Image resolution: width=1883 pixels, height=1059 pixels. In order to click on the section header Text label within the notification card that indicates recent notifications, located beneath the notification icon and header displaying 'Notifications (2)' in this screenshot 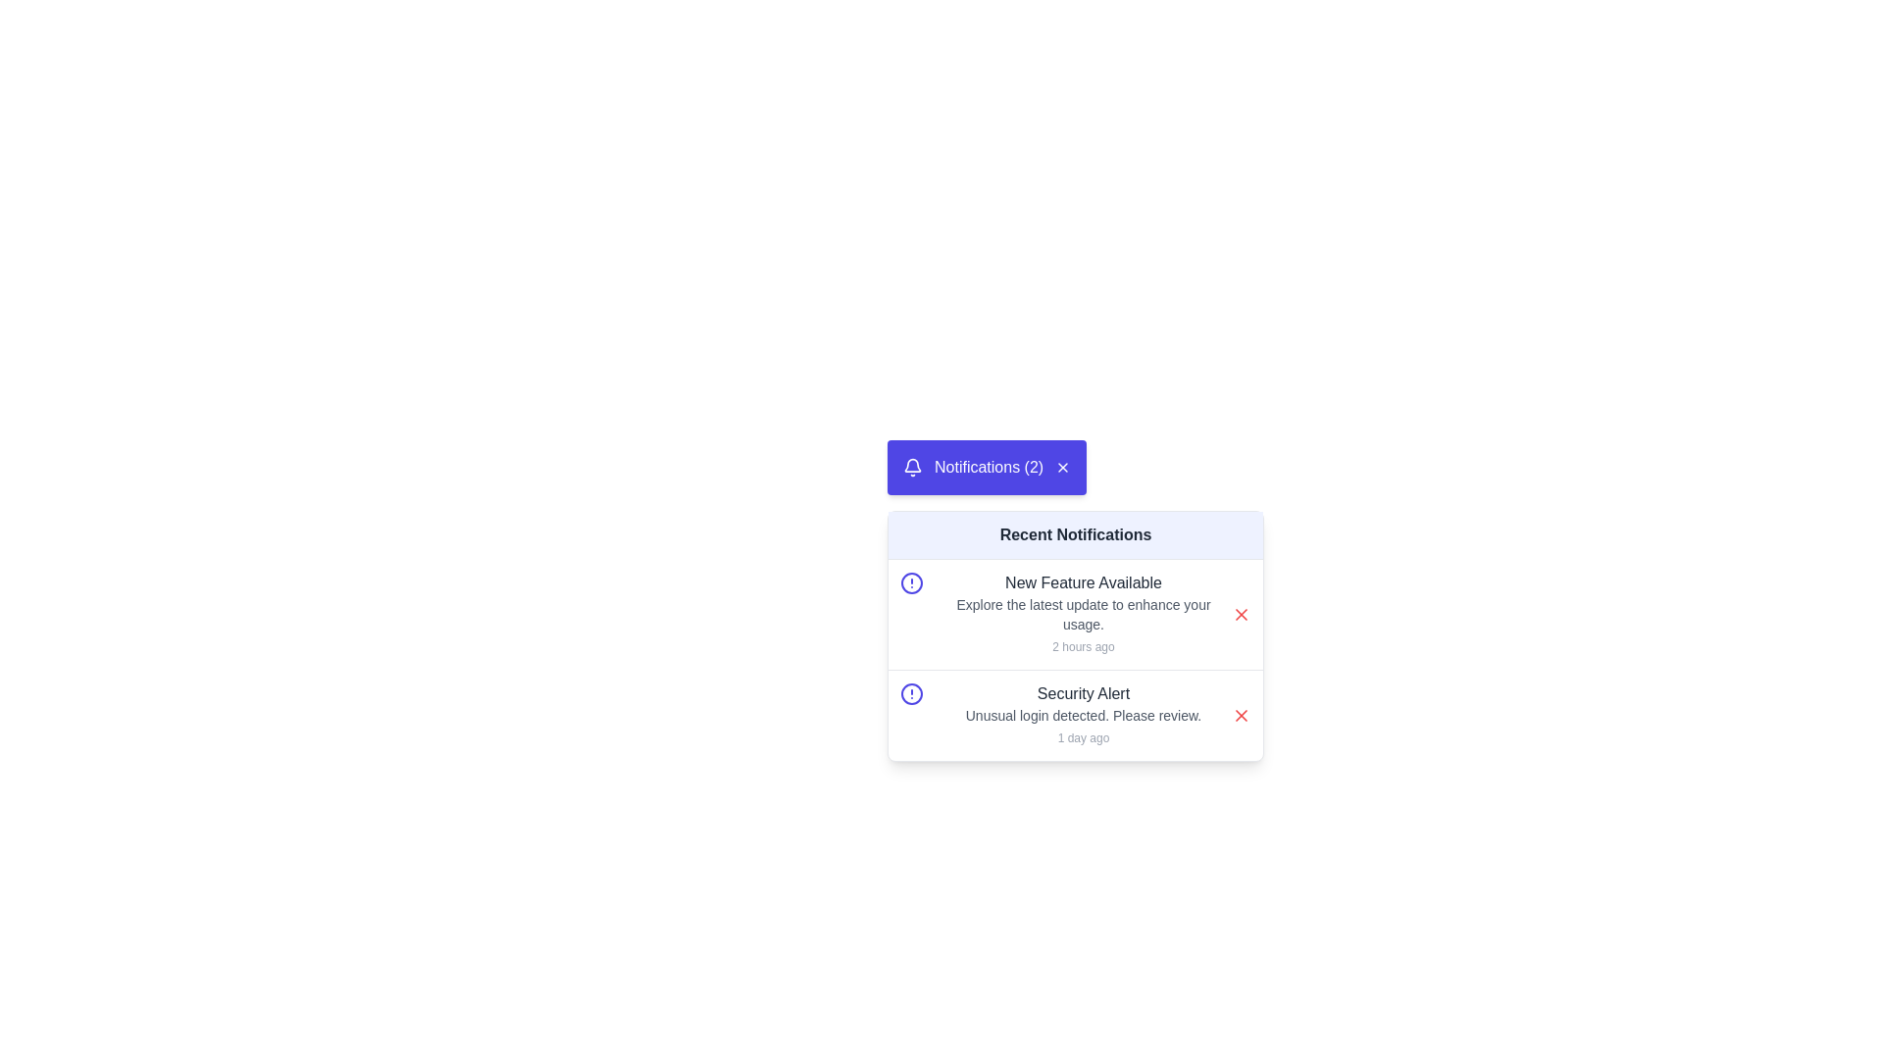, I will do `click(1075, 535)`.